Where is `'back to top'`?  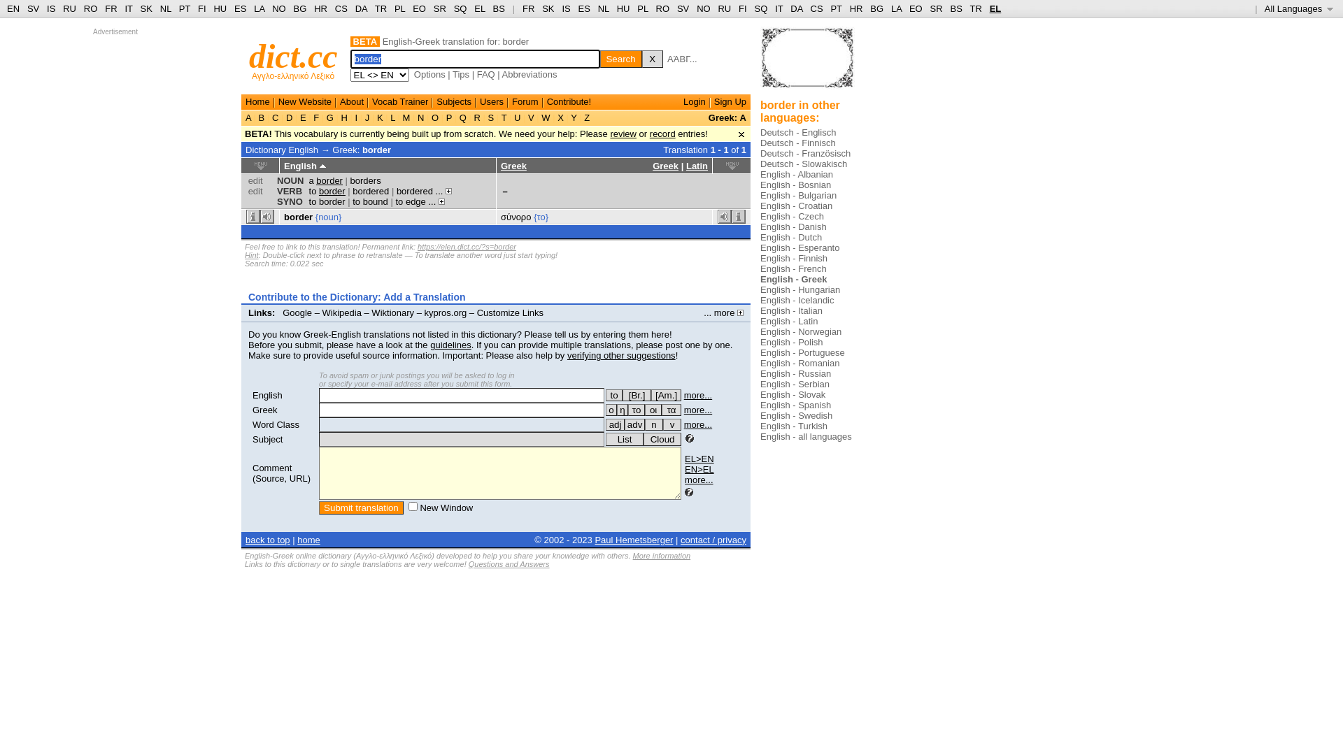
'back to top' is located at coordinates (268, 539).